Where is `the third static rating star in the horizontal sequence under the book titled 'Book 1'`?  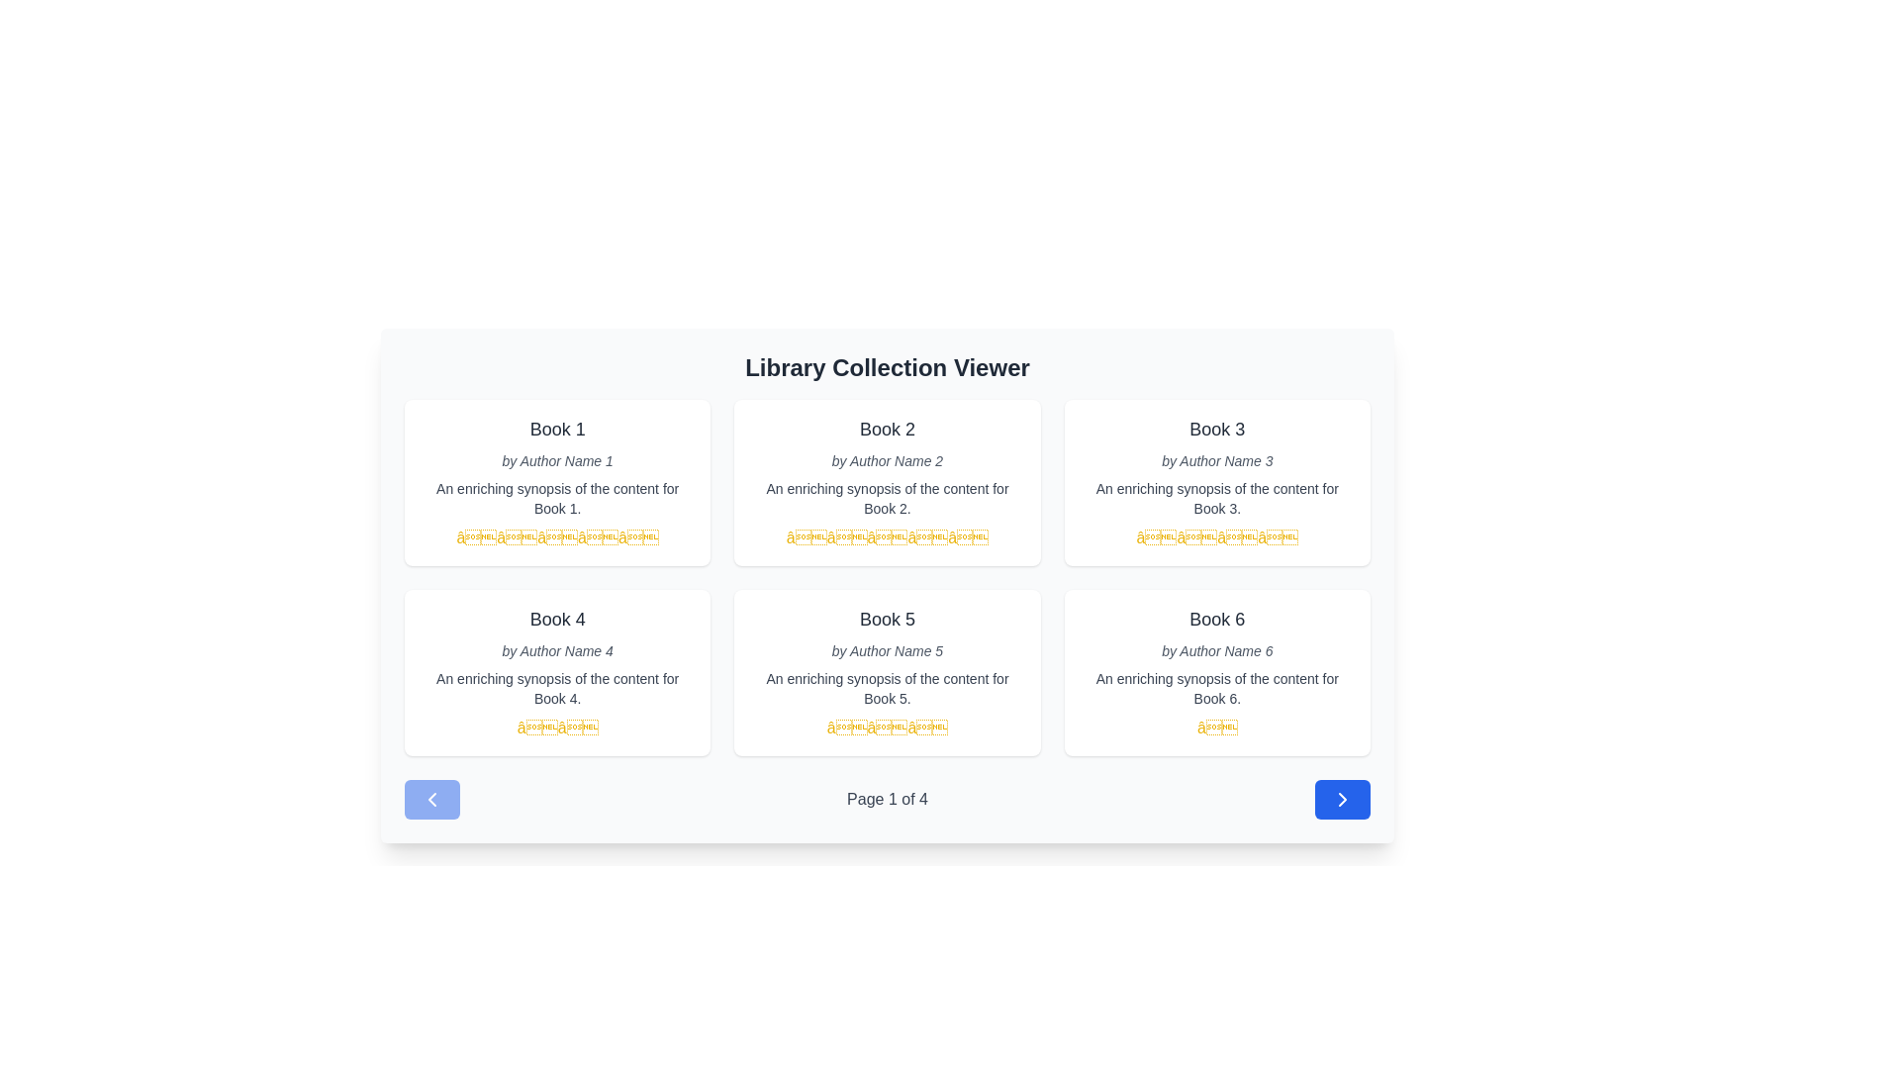
the third static rating star in the horizontal sequence under the book titled 'Book 1' is located at coordinates (556, 537).